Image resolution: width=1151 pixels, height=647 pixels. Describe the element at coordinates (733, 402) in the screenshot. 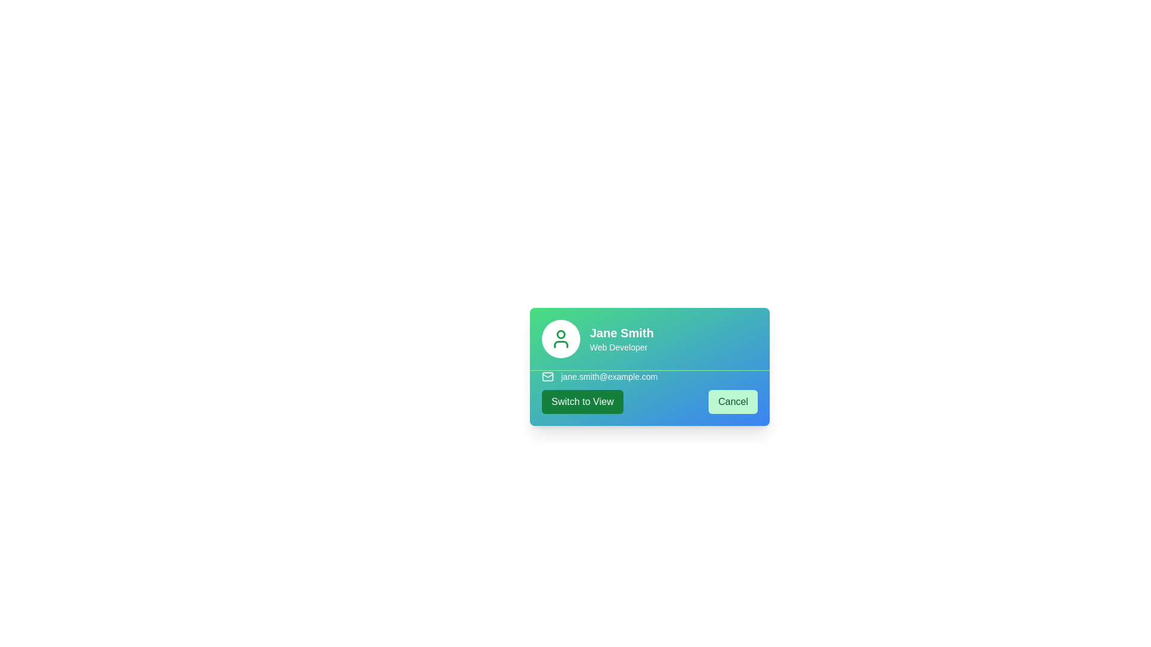

I see `the cancel button located at the bottom right of the card` at that location.